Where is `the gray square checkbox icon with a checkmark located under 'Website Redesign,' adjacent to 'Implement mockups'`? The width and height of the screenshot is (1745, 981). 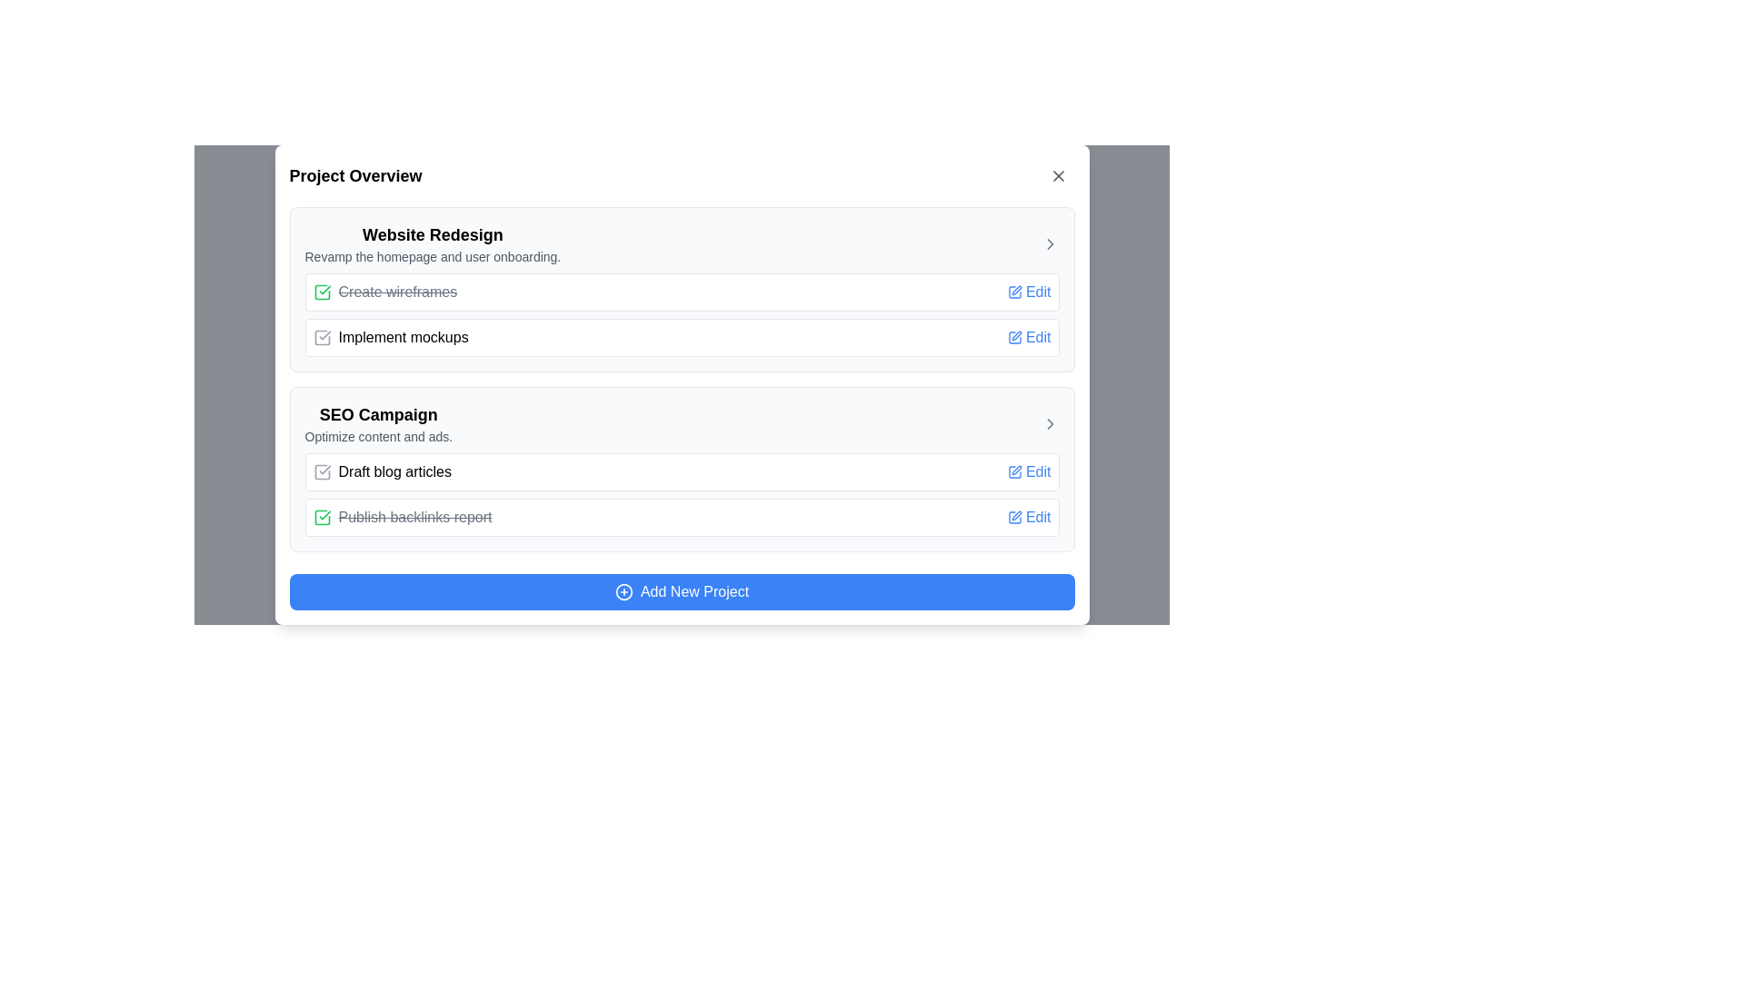
the gray square checkbox icon with a checkmark located under 'Website Redesign,' adjacent to 'Implement mockups' is located at coordinates (322, 337).